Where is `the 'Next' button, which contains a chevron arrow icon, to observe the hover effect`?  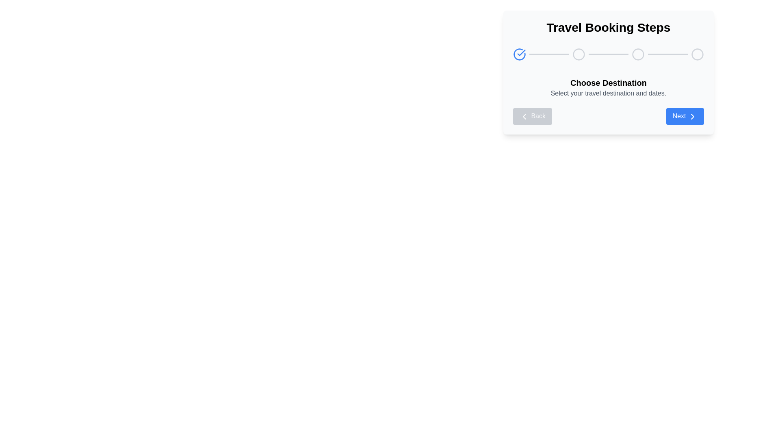
the 'Next' button, which contains a chevron arrow icon, to observe the hover effect is located at coordinates (692, 116).